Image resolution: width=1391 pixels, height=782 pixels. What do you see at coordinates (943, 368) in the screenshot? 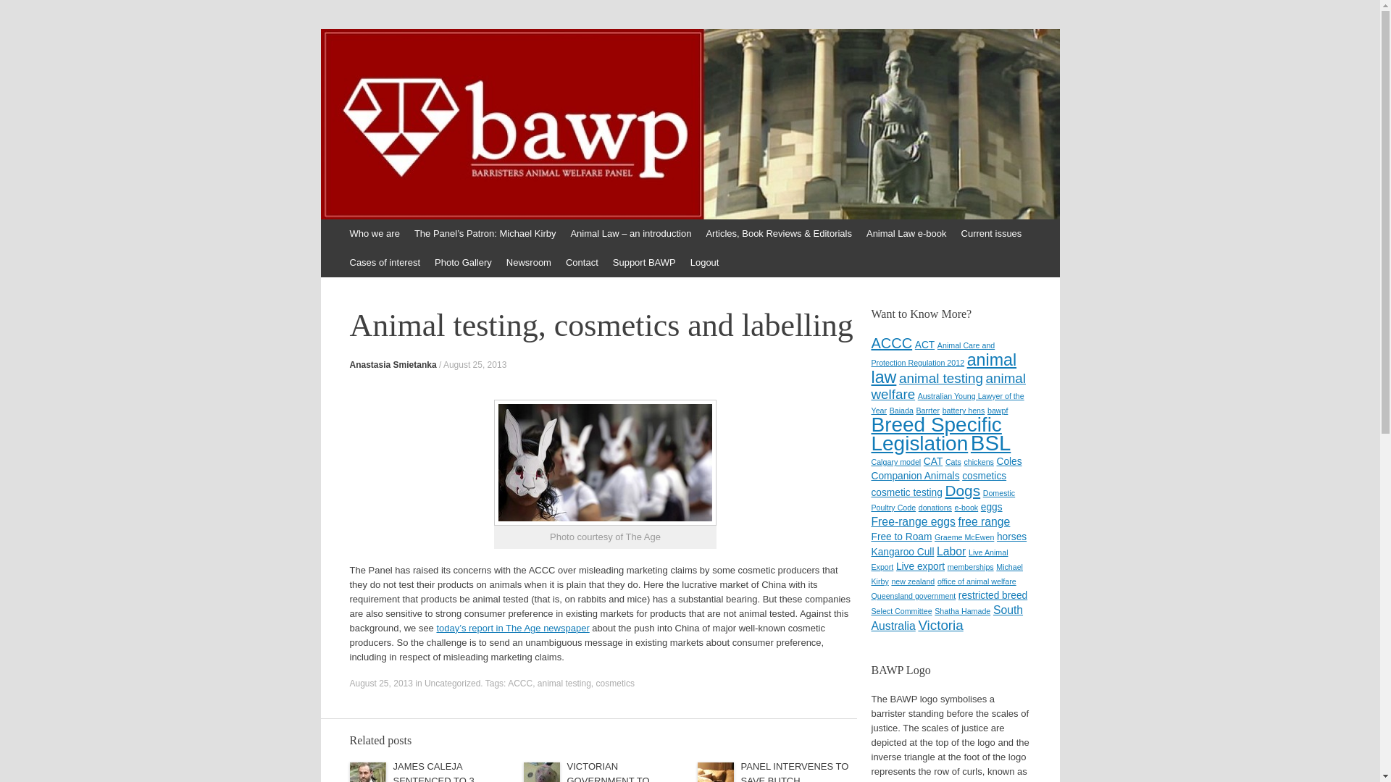
I see `'animal law'` at bounding box center [943, 368].